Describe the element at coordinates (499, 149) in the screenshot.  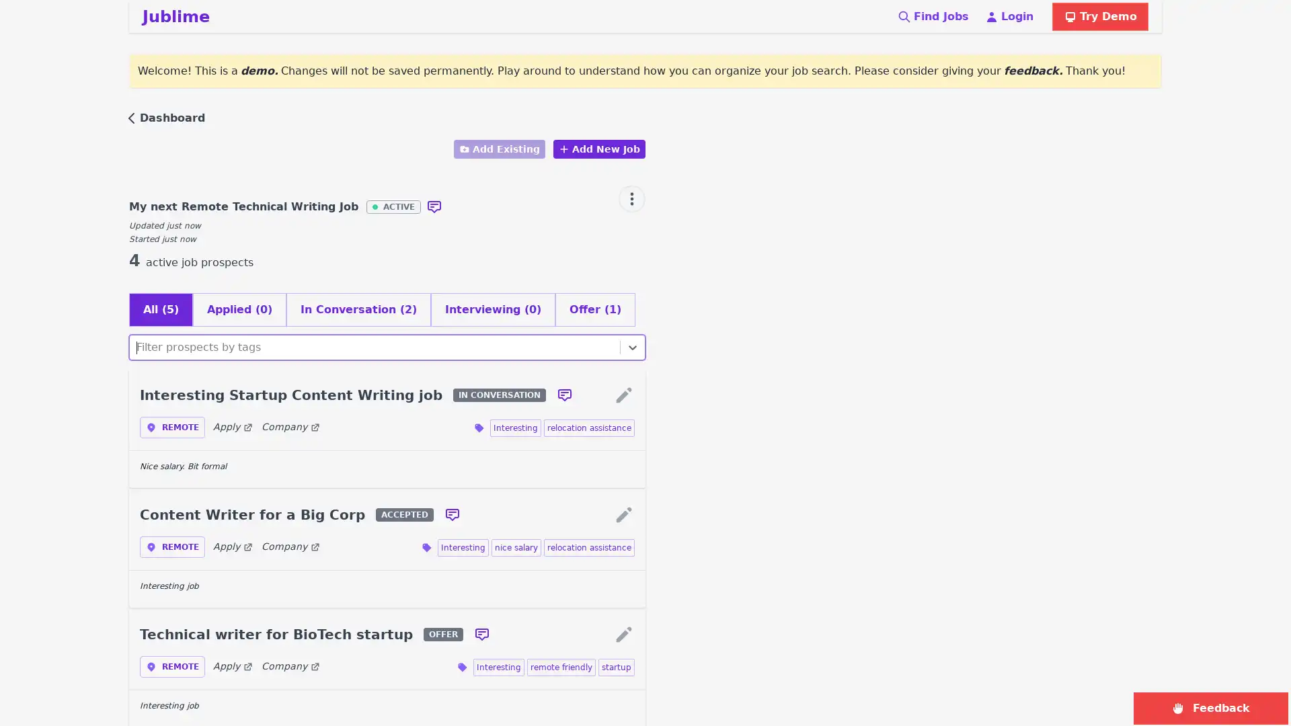
I see `Add Existing` at that location.